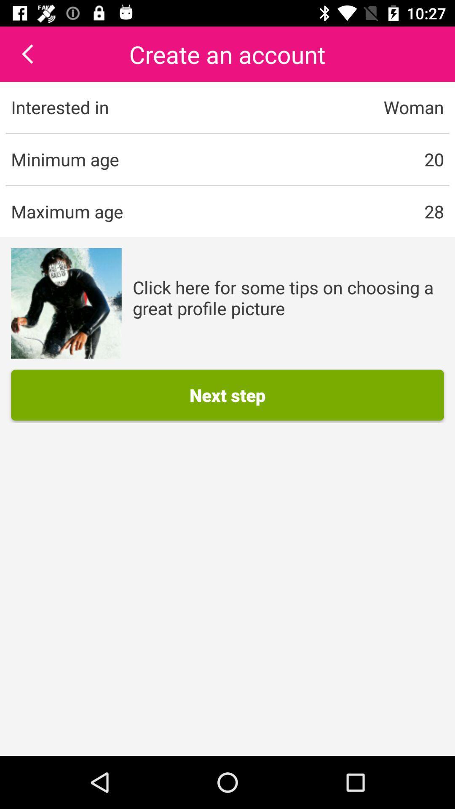  I want to click on the item above the next step, so click(66, 303).